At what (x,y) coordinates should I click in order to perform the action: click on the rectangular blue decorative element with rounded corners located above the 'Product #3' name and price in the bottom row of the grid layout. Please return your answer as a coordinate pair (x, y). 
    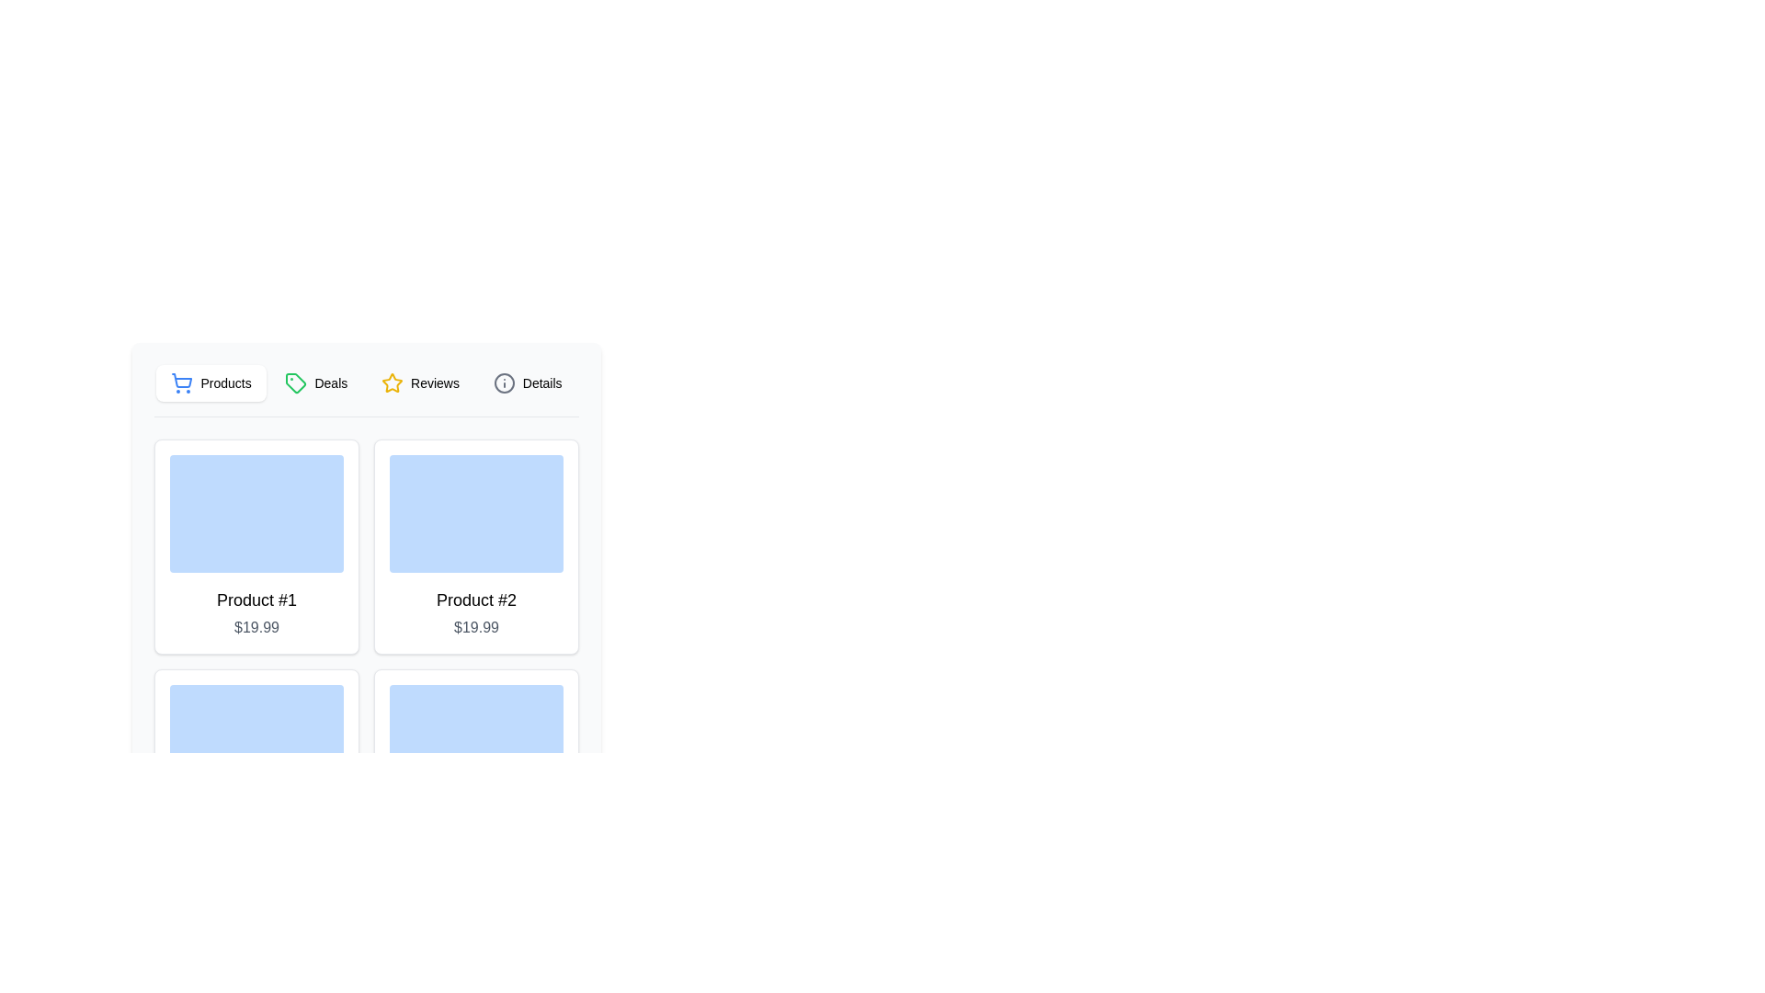
    Looking at the image, I should click on (256, 743).